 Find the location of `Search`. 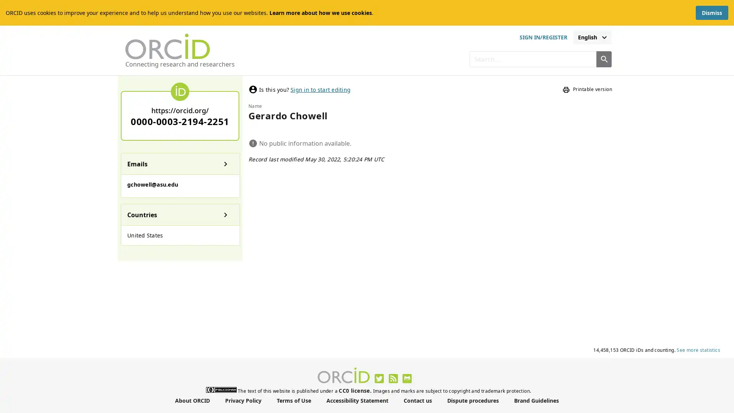

Search is located at coordinates (603, 59).